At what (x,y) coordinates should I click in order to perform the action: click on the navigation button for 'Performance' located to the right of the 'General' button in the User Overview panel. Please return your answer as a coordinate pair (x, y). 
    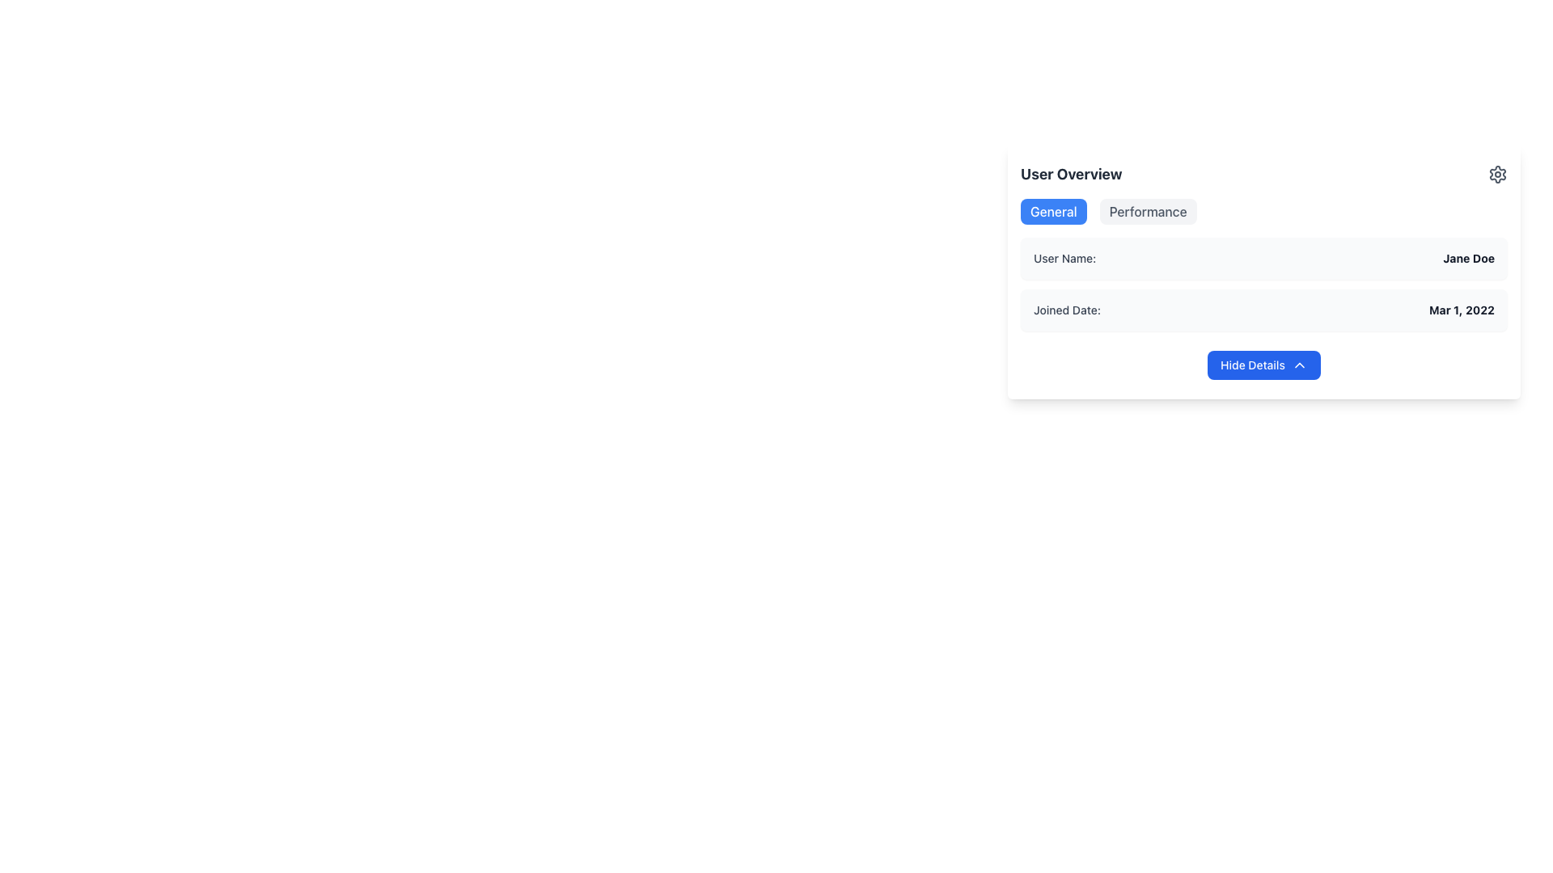
    Looking at the image, I should click on (1147, 211).